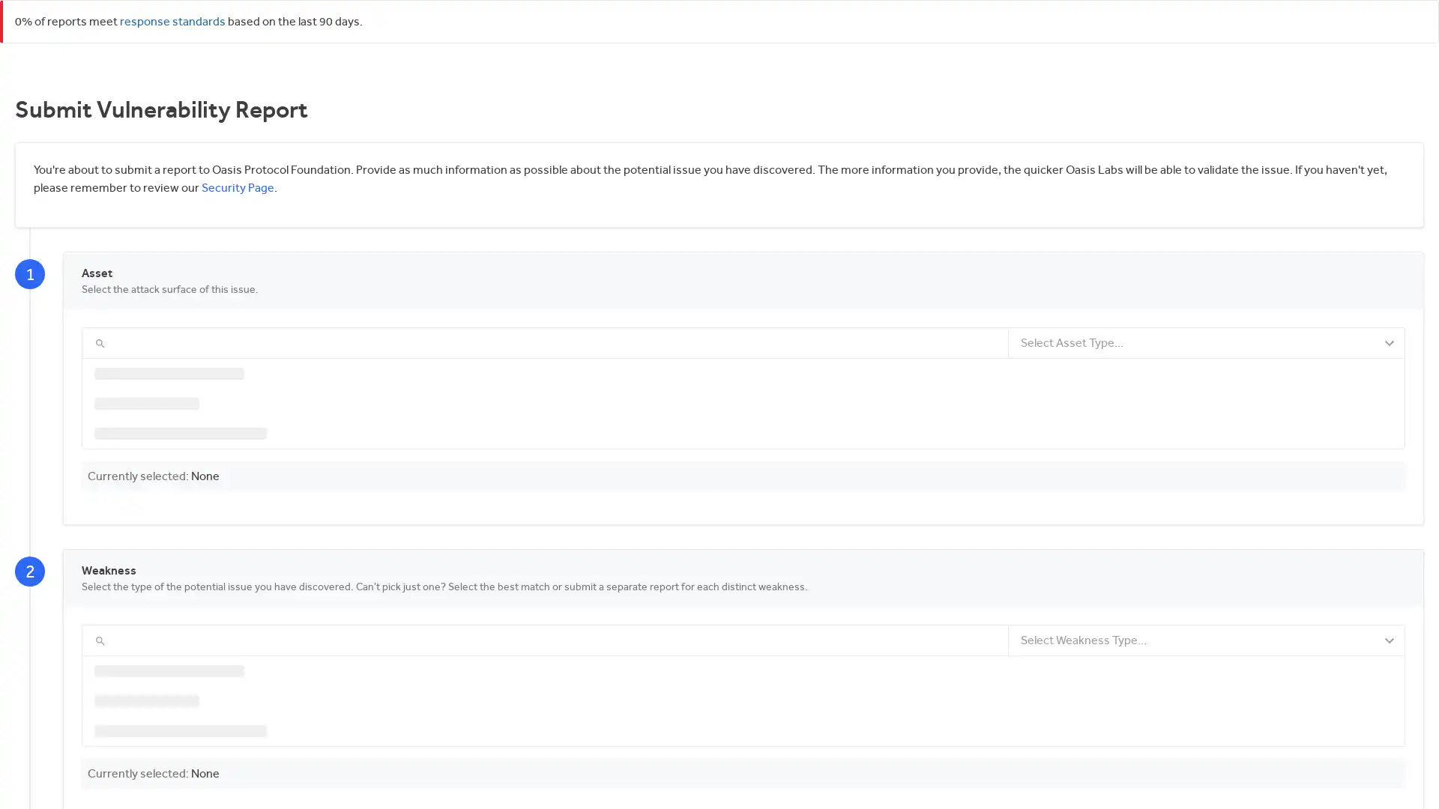  What do you see at coordinates (743, 775) in the screenshot?
I see `Array Index Underflow (CWE-129)` at bounding box center [743, 775].